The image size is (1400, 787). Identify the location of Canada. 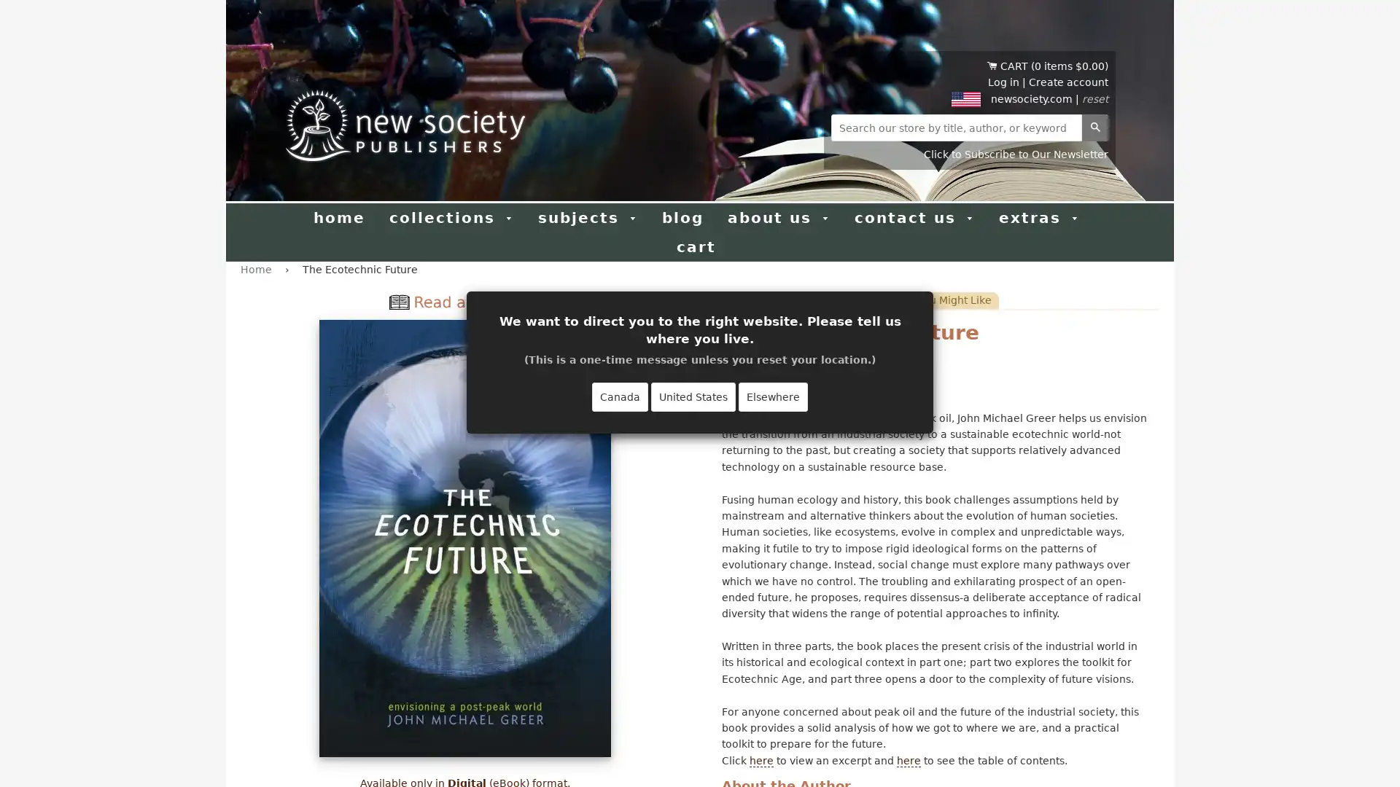
(620, 396).